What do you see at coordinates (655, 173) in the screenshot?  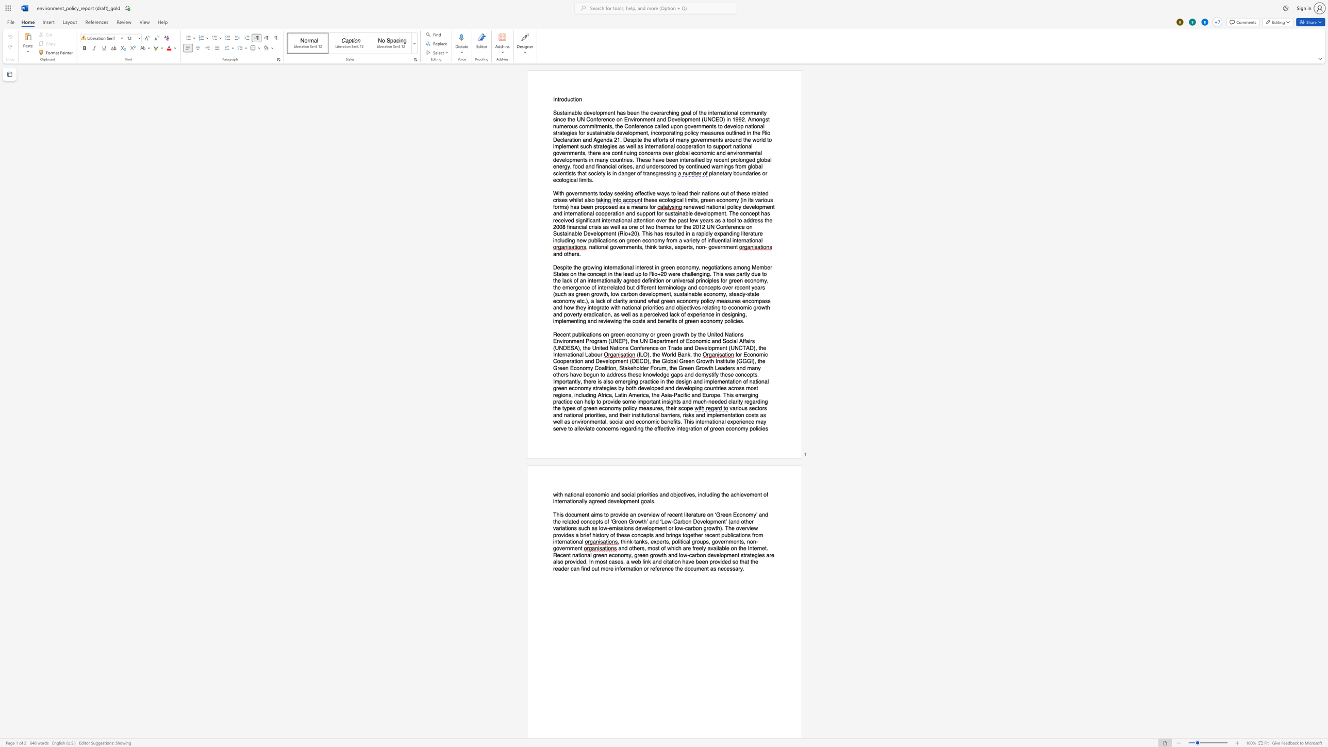 I see `the space between the continuous character "s" and "g" in the text` at bounding box center [655, 173].